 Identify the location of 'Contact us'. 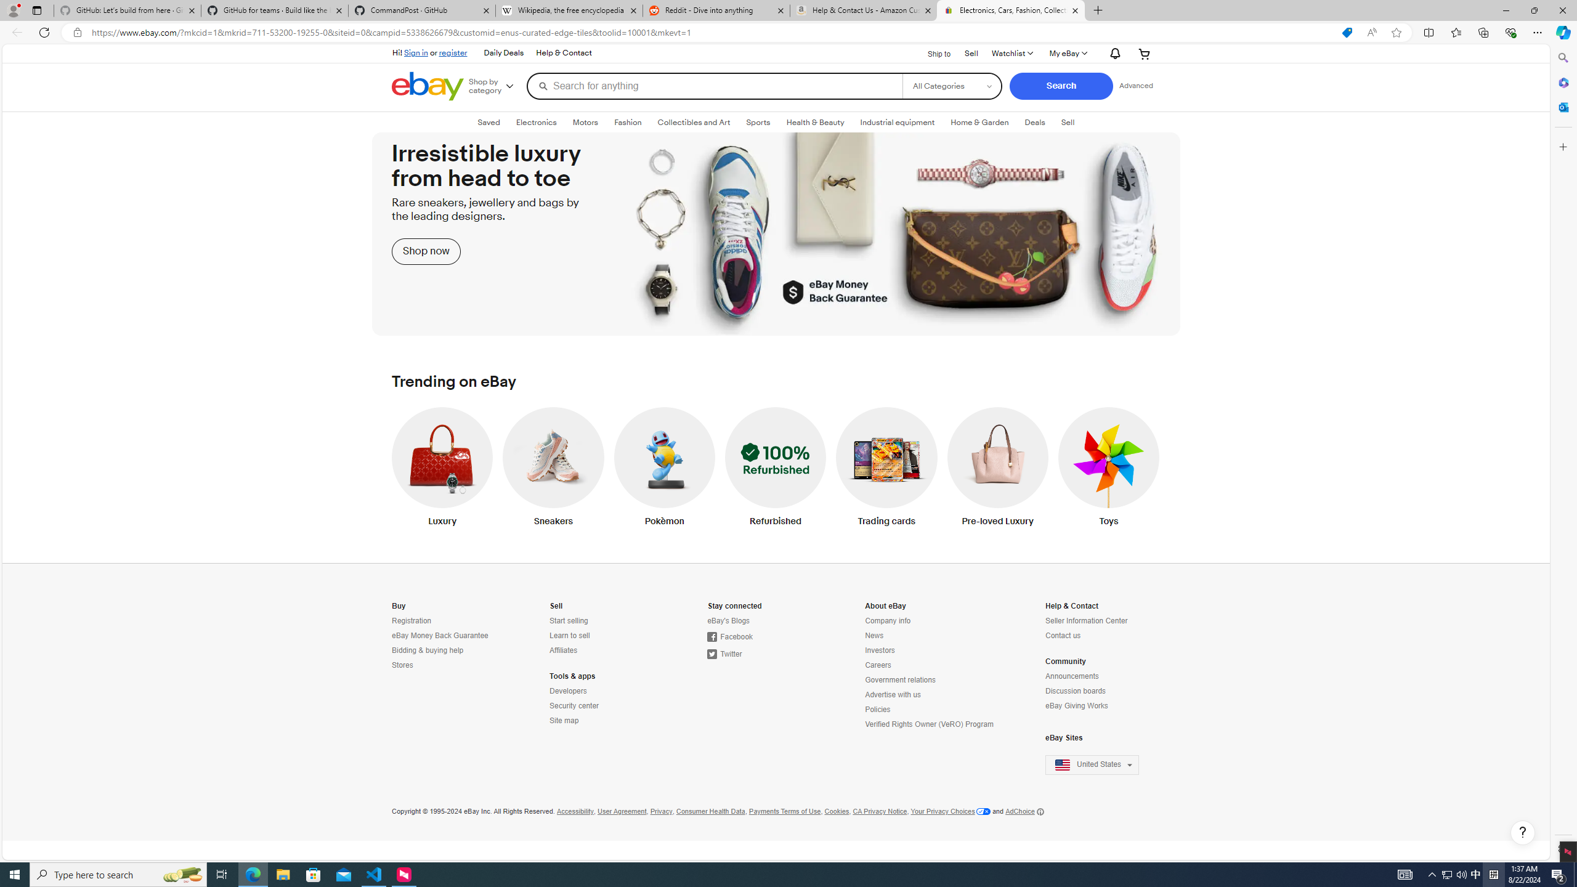
(1100, 635).